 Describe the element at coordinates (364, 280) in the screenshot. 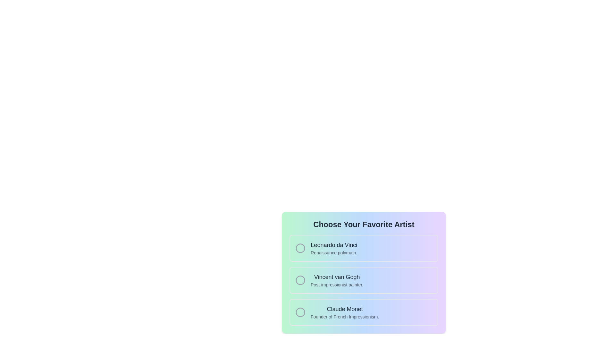

I see `the second selectable list item labeled 'Vincent van Gogh - Post-impressionist painter' in the 'Choose Your Favorite Artist' panel for interaction` at that location.